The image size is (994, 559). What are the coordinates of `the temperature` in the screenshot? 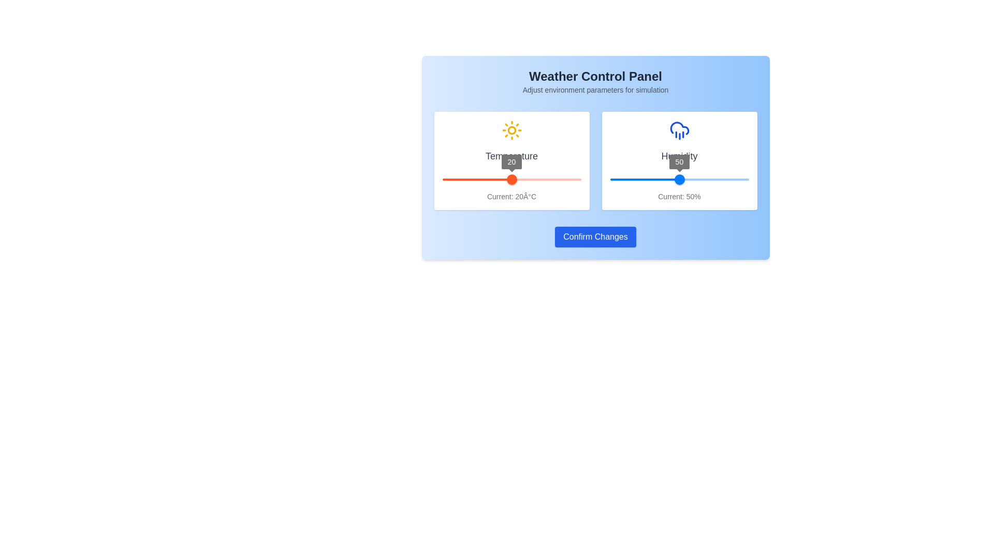 It's located at (604, 207).